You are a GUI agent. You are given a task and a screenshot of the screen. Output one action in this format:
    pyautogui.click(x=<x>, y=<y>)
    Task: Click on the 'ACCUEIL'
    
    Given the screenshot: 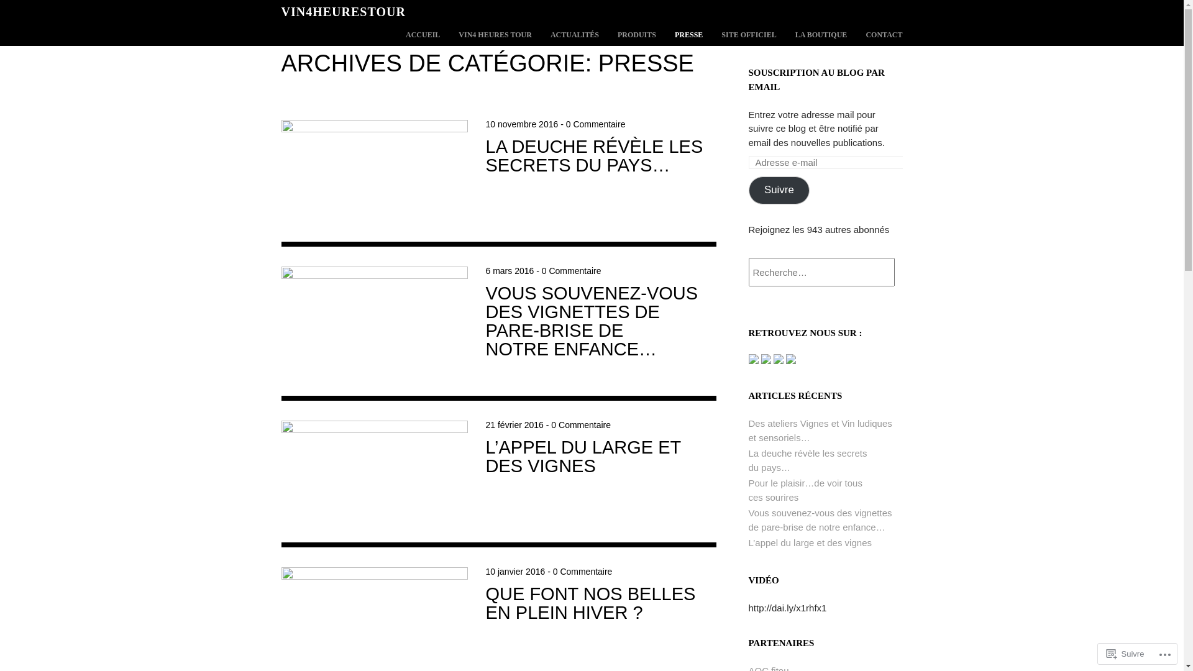 What is the action you would take?
    pyautogui.click(x=423, y=34)
    